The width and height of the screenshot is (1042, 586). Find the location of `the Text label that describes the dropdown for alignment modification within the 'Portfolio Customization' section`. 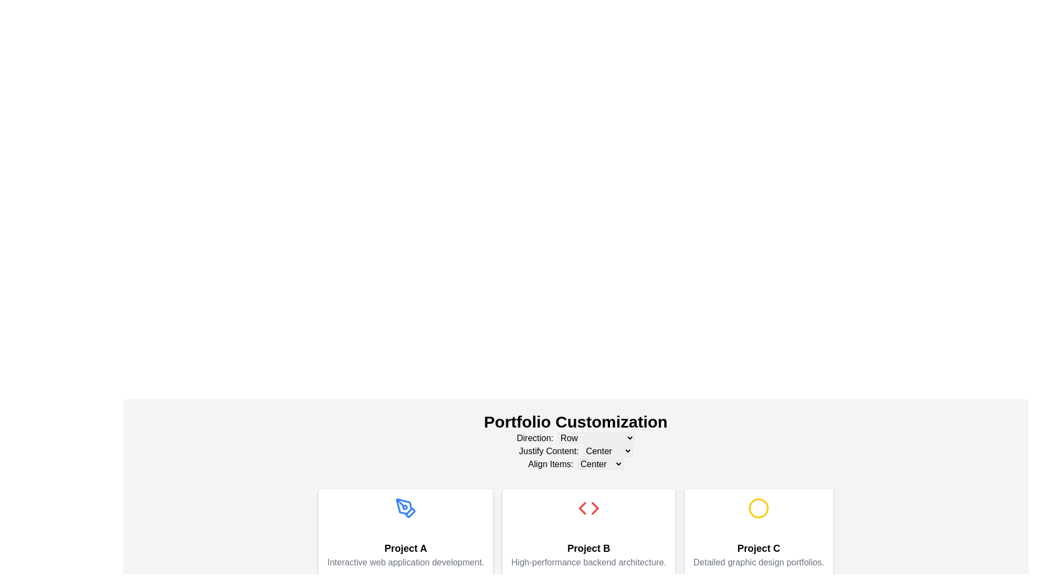

the Text label that describes the dropdown for alignment modification within the 'Portfolio Customization' section is located at coordinates (550, 464).